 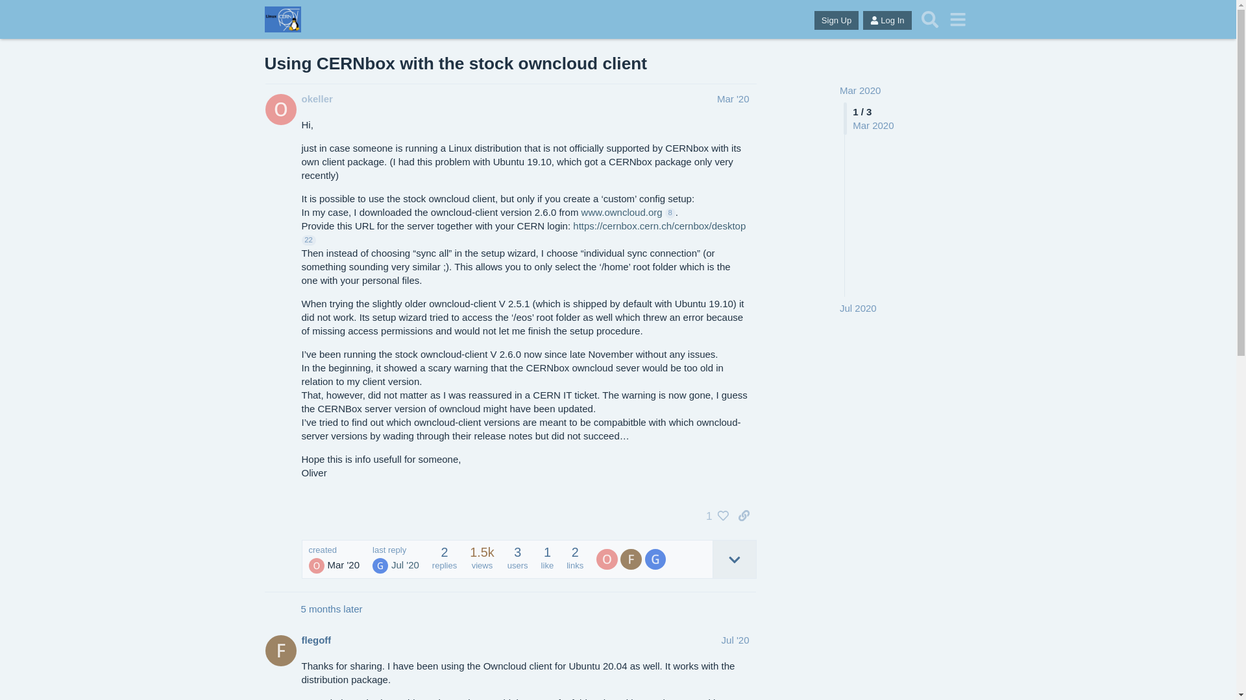 What do you see at coordinates (744, 515) in the screenshot?
I see `'share a link to this post'` at bounding box center [744, 515].